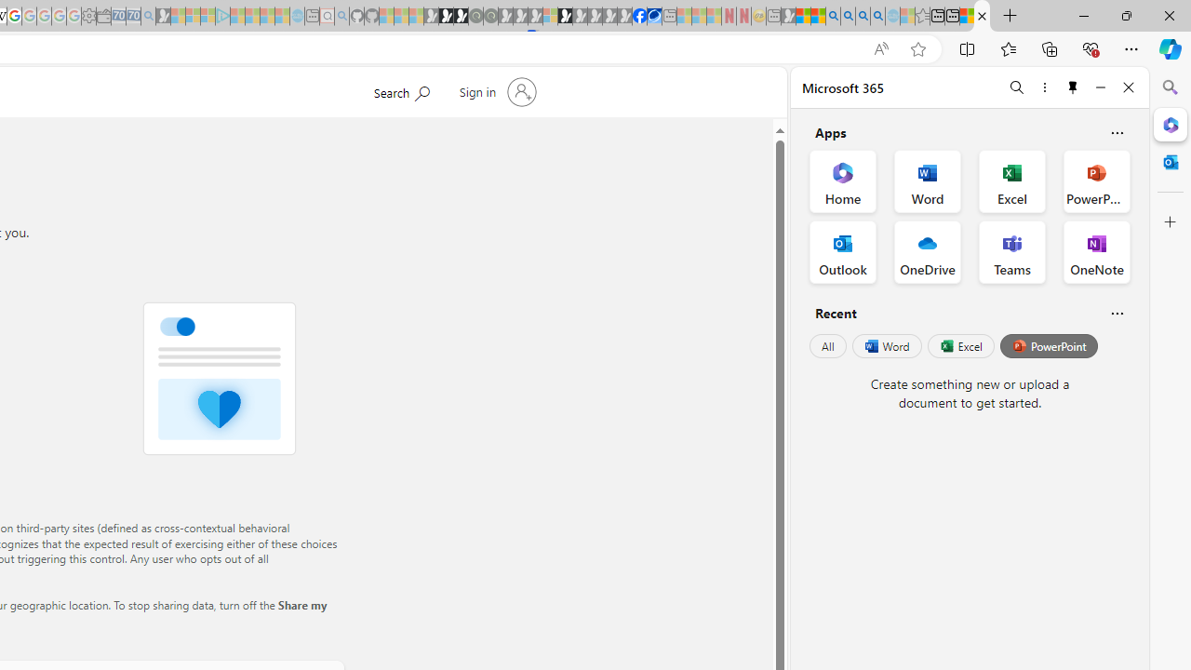 The image size is (1191, 670). Describe the element at coordinates (788, 16) in the screenshot. I see `'MSN - Sleeping'` at that location.